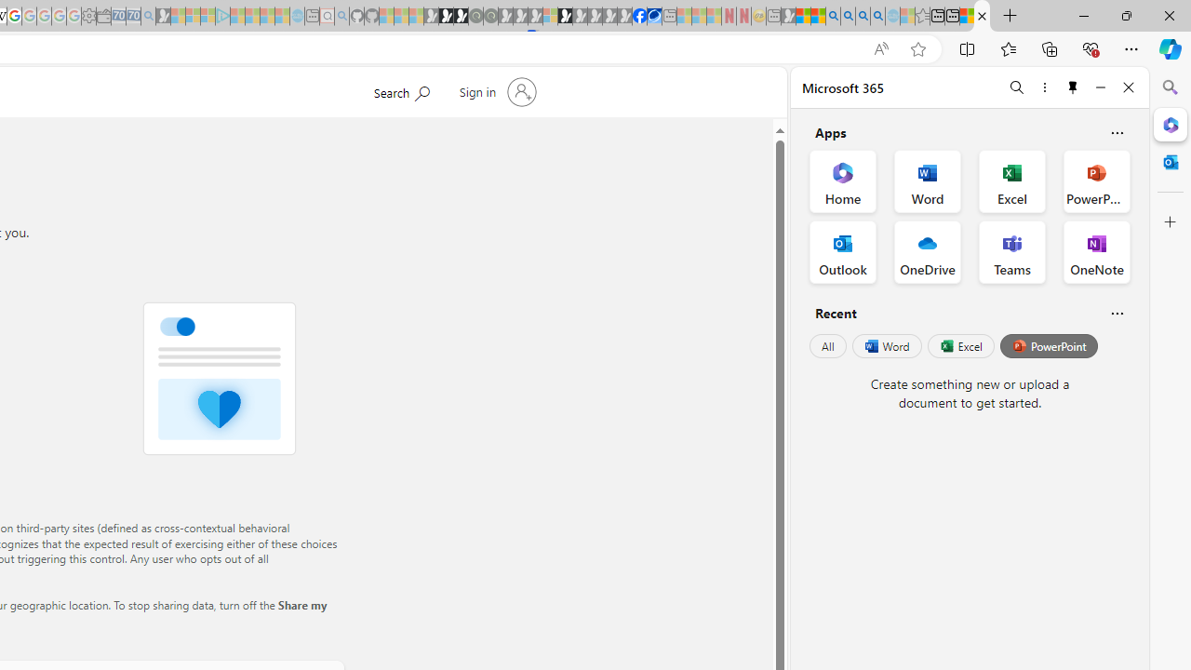 The image size is (1191, 670). Describe the element at coordinates (788, 16) in the screenshot. I see `'MSN - Sleeping'` at that location.